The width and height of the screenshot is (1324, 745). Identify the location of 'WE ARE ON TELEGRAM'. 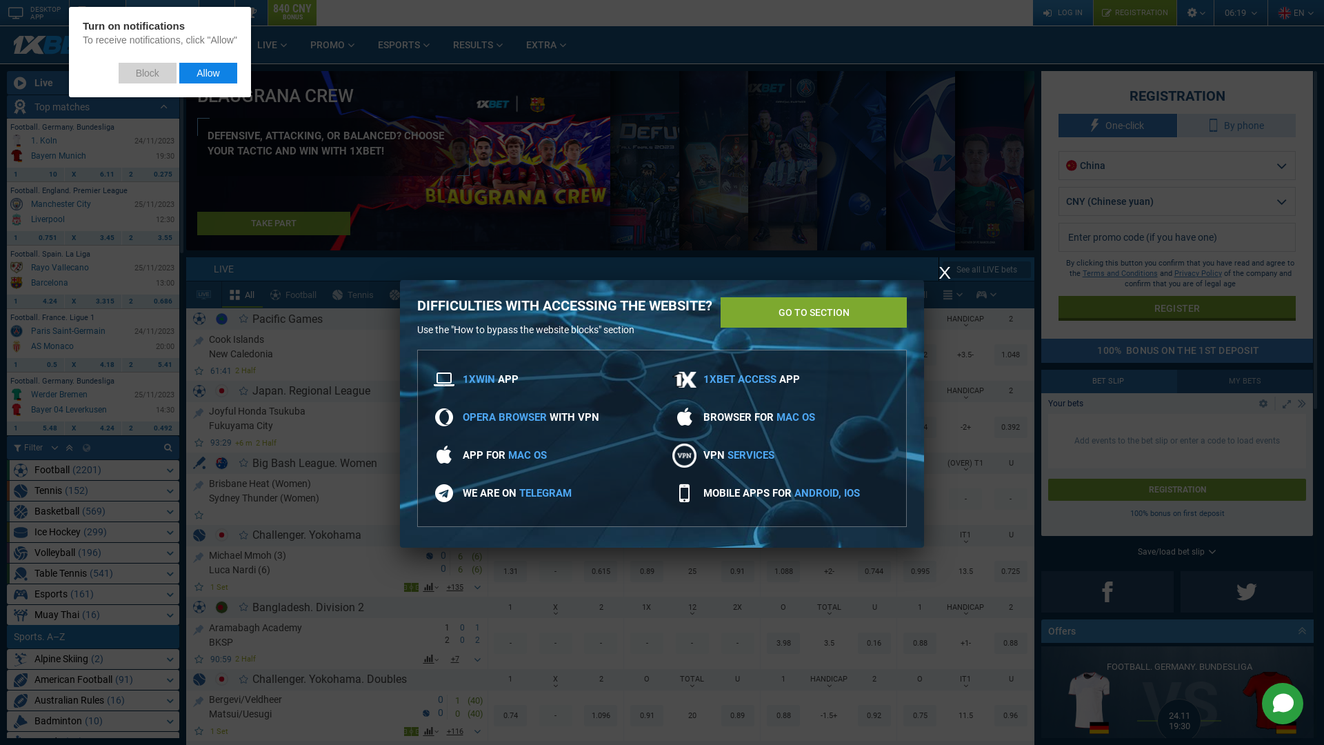
(463, 492).